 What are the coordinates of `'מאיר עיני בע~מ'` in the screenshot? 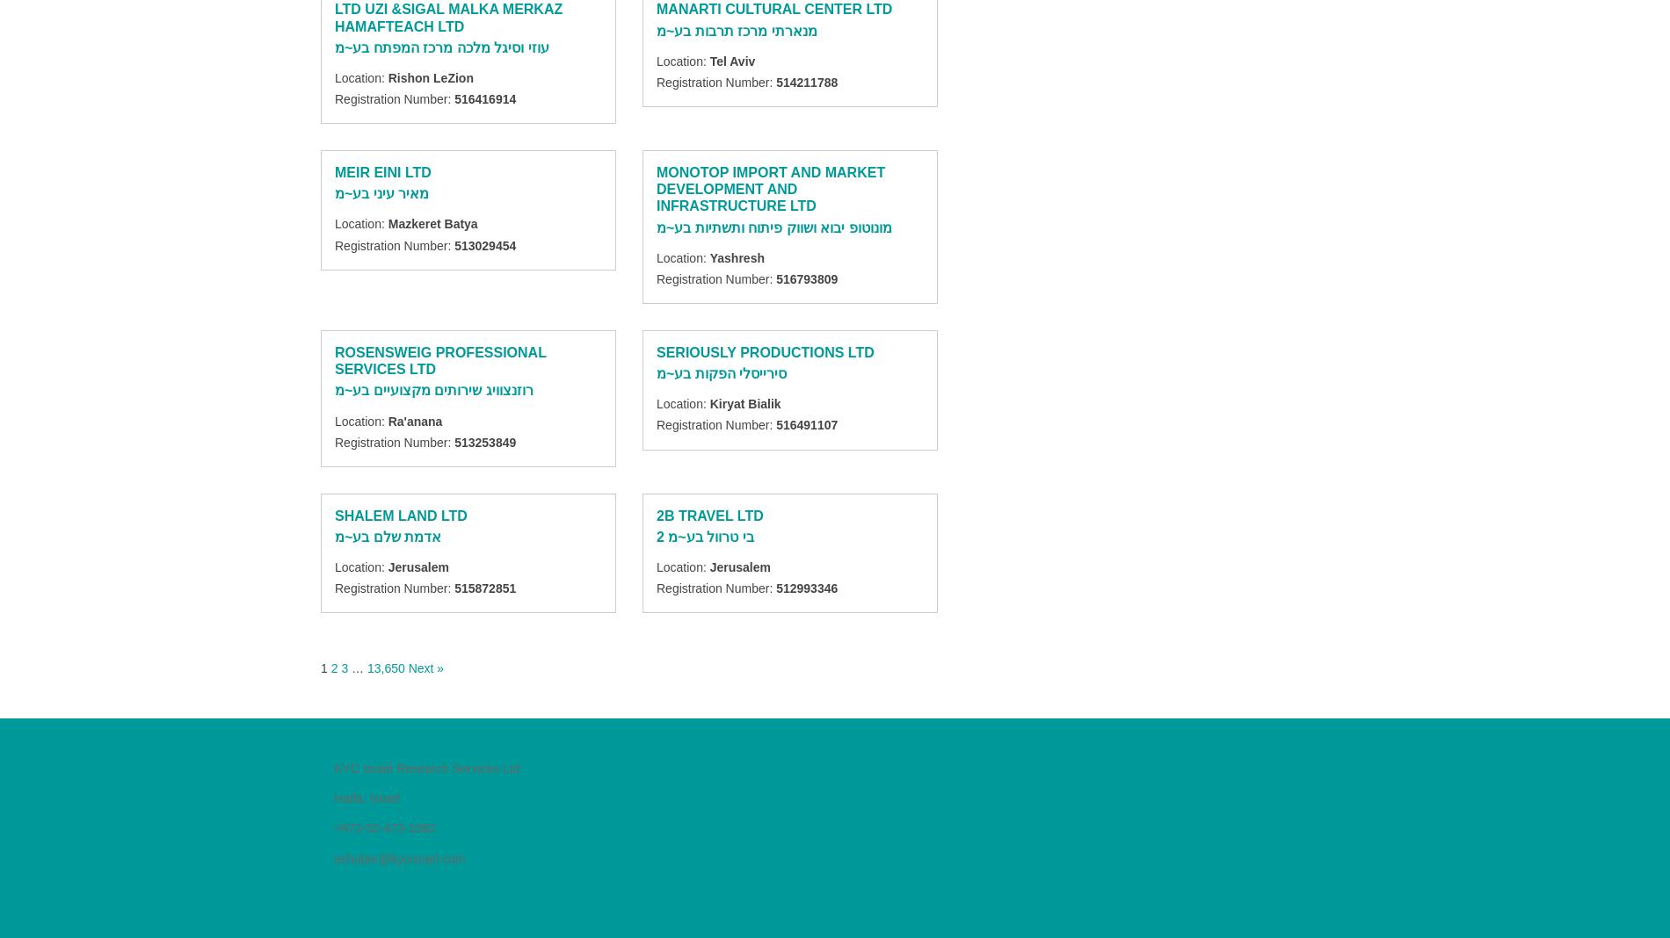 It's located at (381, 193).